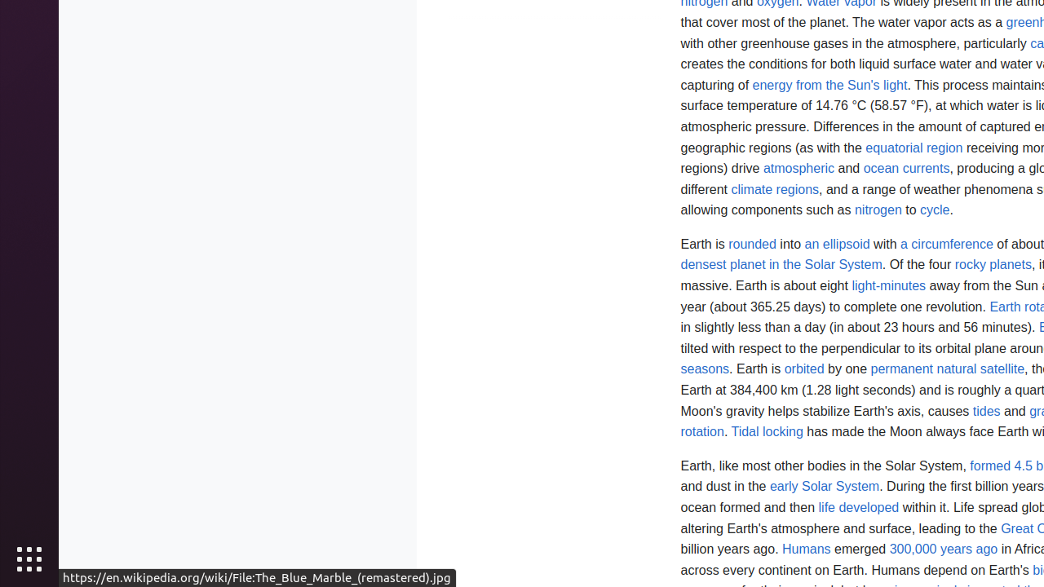 The width and height of the screenshot is (1044, 587). Describe the element at coordinates (992, 264) in the screenshot. I see `'rocky planets'` at that location.